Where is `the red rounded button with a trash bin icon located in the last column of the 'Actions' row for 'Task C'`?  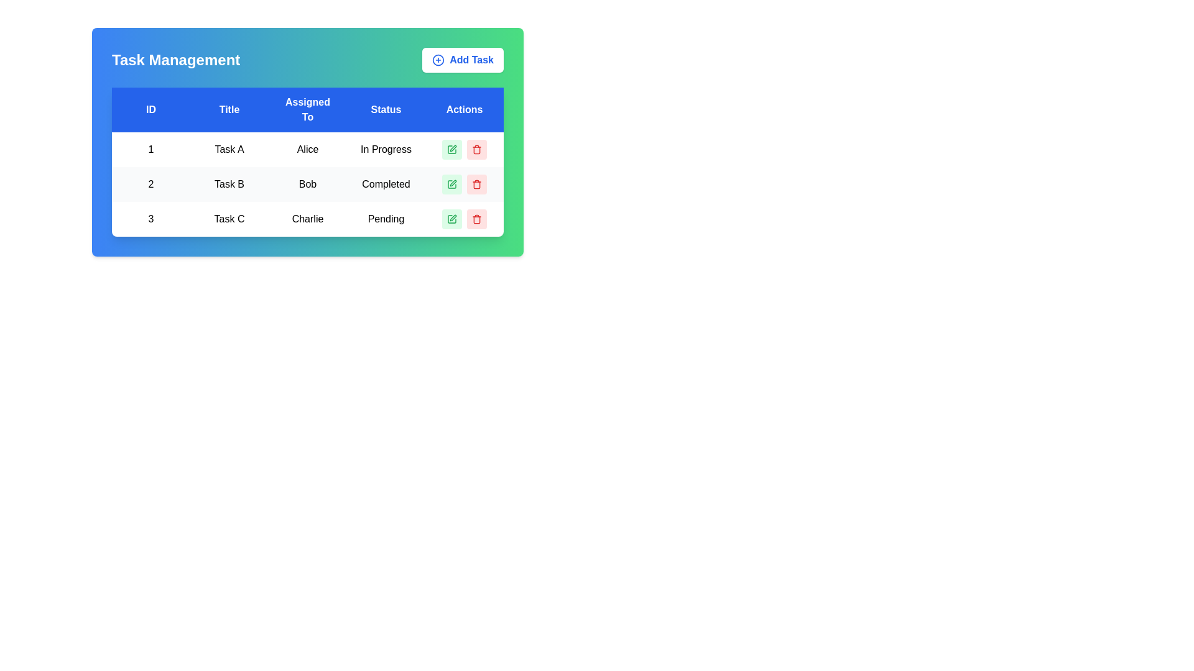 the red rounded button with a trash bin icon located in the last column of the 'Actions' row for 'Task C' is located at coordinates (476, 219).